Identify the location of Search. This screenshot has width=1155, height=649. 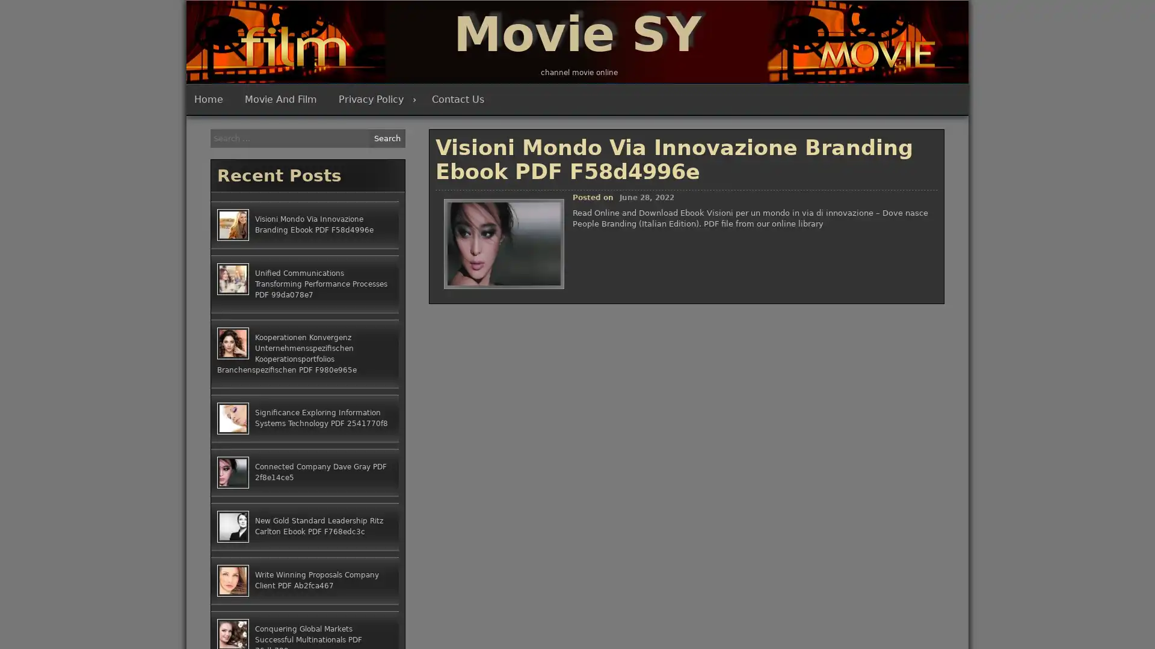
(387, 138).